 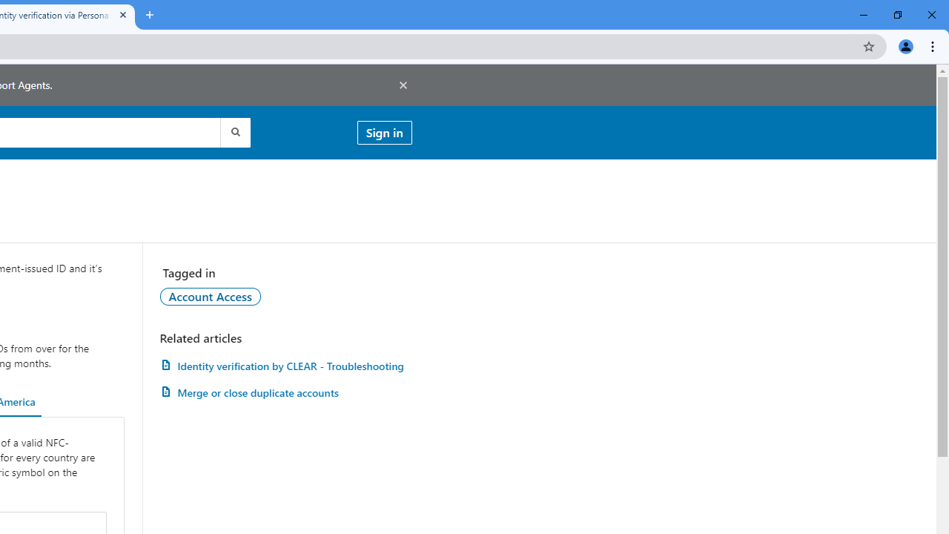 I want to click on 'Merge or close duplicate accounts', so click(x=285, y=392).